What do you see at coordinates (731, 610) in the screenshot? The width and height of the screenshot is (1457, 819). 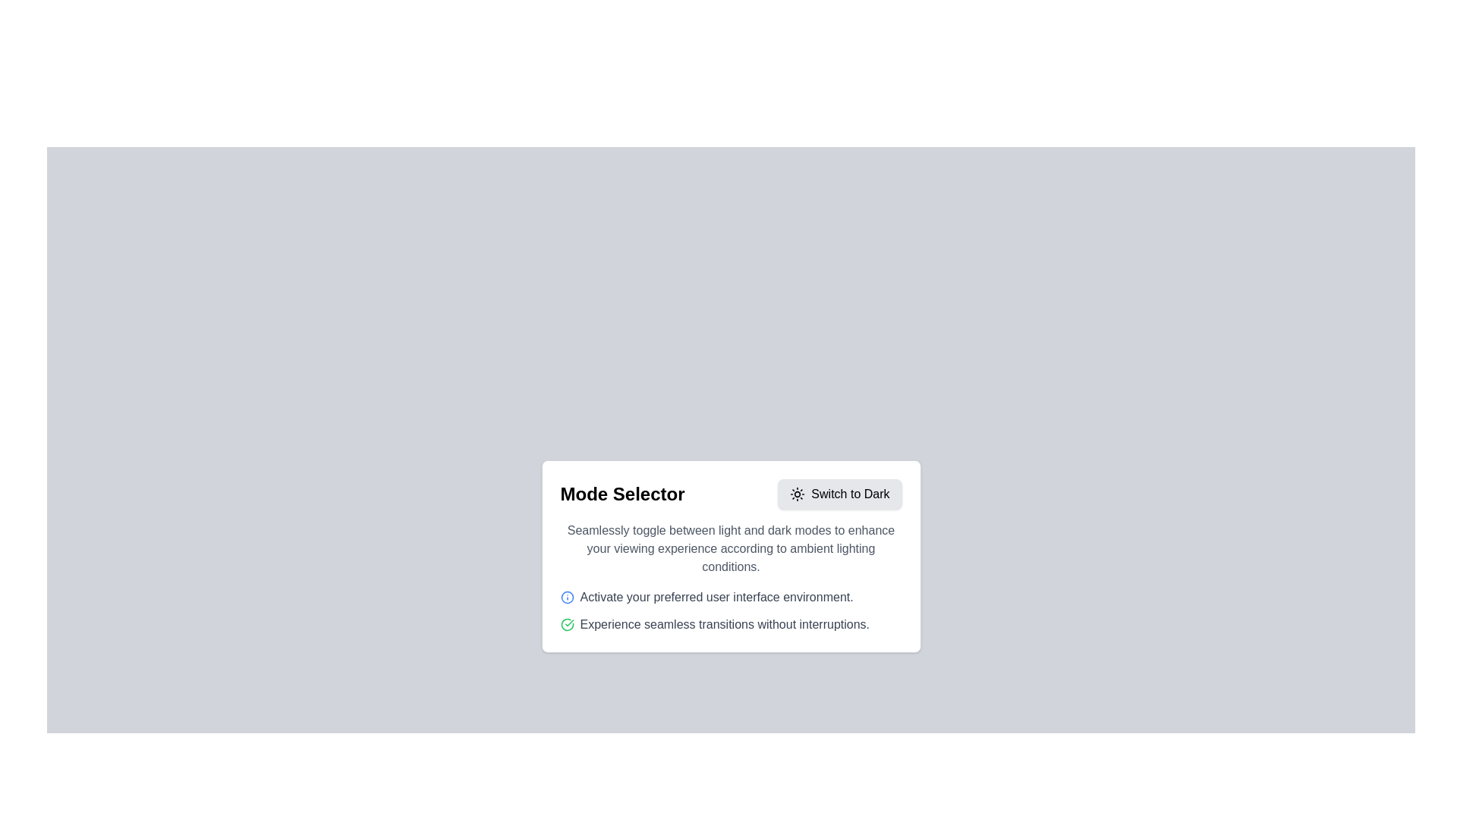 I see `descriptive information located in the bottom-left quadrant of the 'Mode Selector' section, which provides guidance on activating the user interface environment and ensuring uninterrupted transitions` at bounding box center [731, 610].